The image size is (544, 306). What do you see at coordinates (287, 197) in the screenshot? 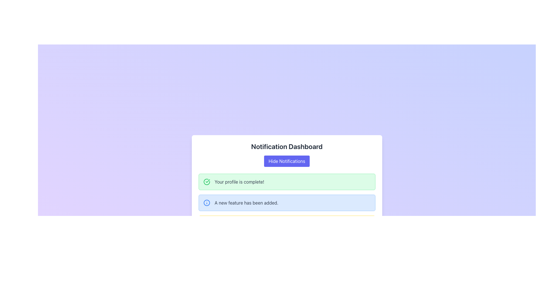
I see `the second notification card within the 'Notification Dashboard', which is a non-interactive display informing the user about a new feature` at bounding box center [287, 197].